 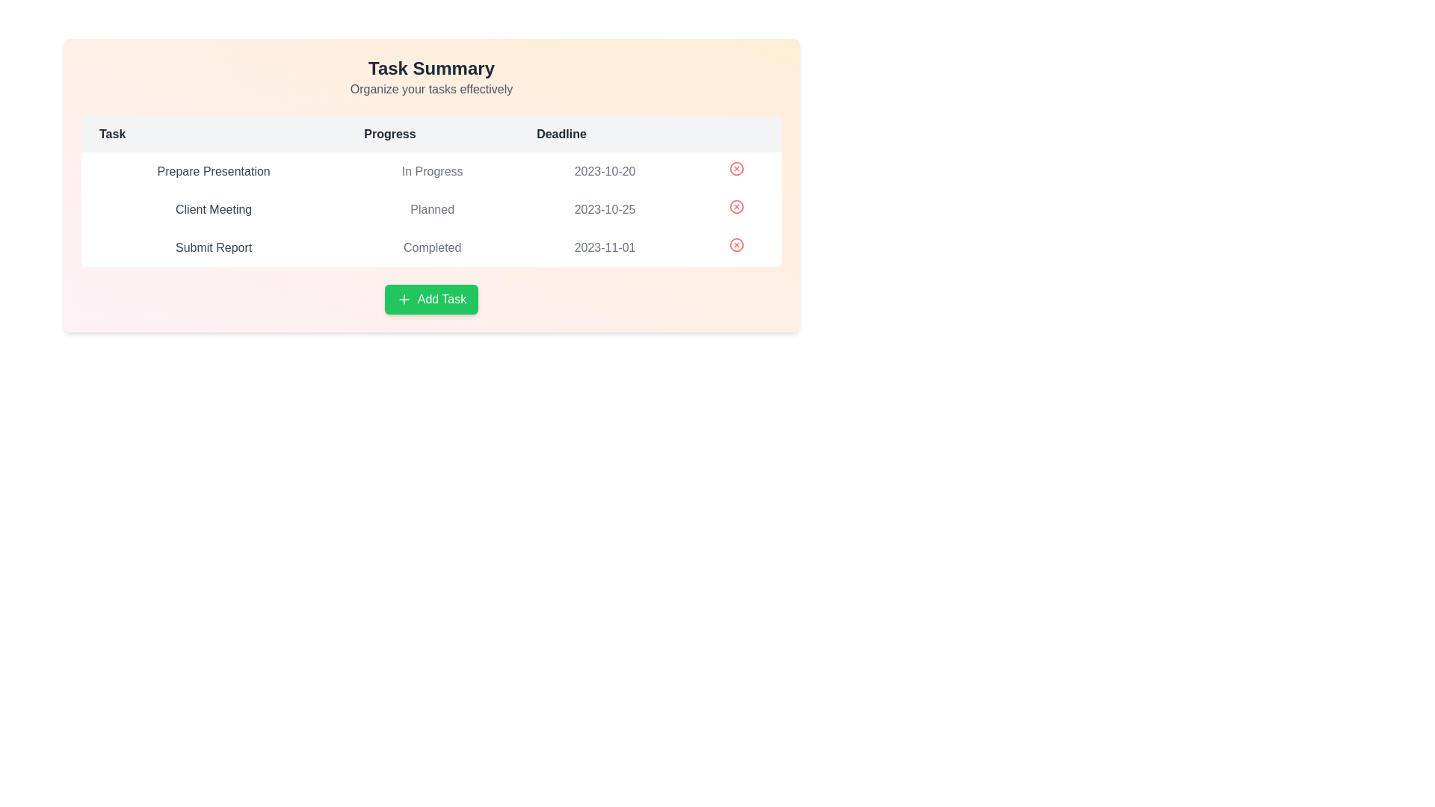 I want to click on the task row corresponding to Prepare Presentation, so click(x=430, y=170).